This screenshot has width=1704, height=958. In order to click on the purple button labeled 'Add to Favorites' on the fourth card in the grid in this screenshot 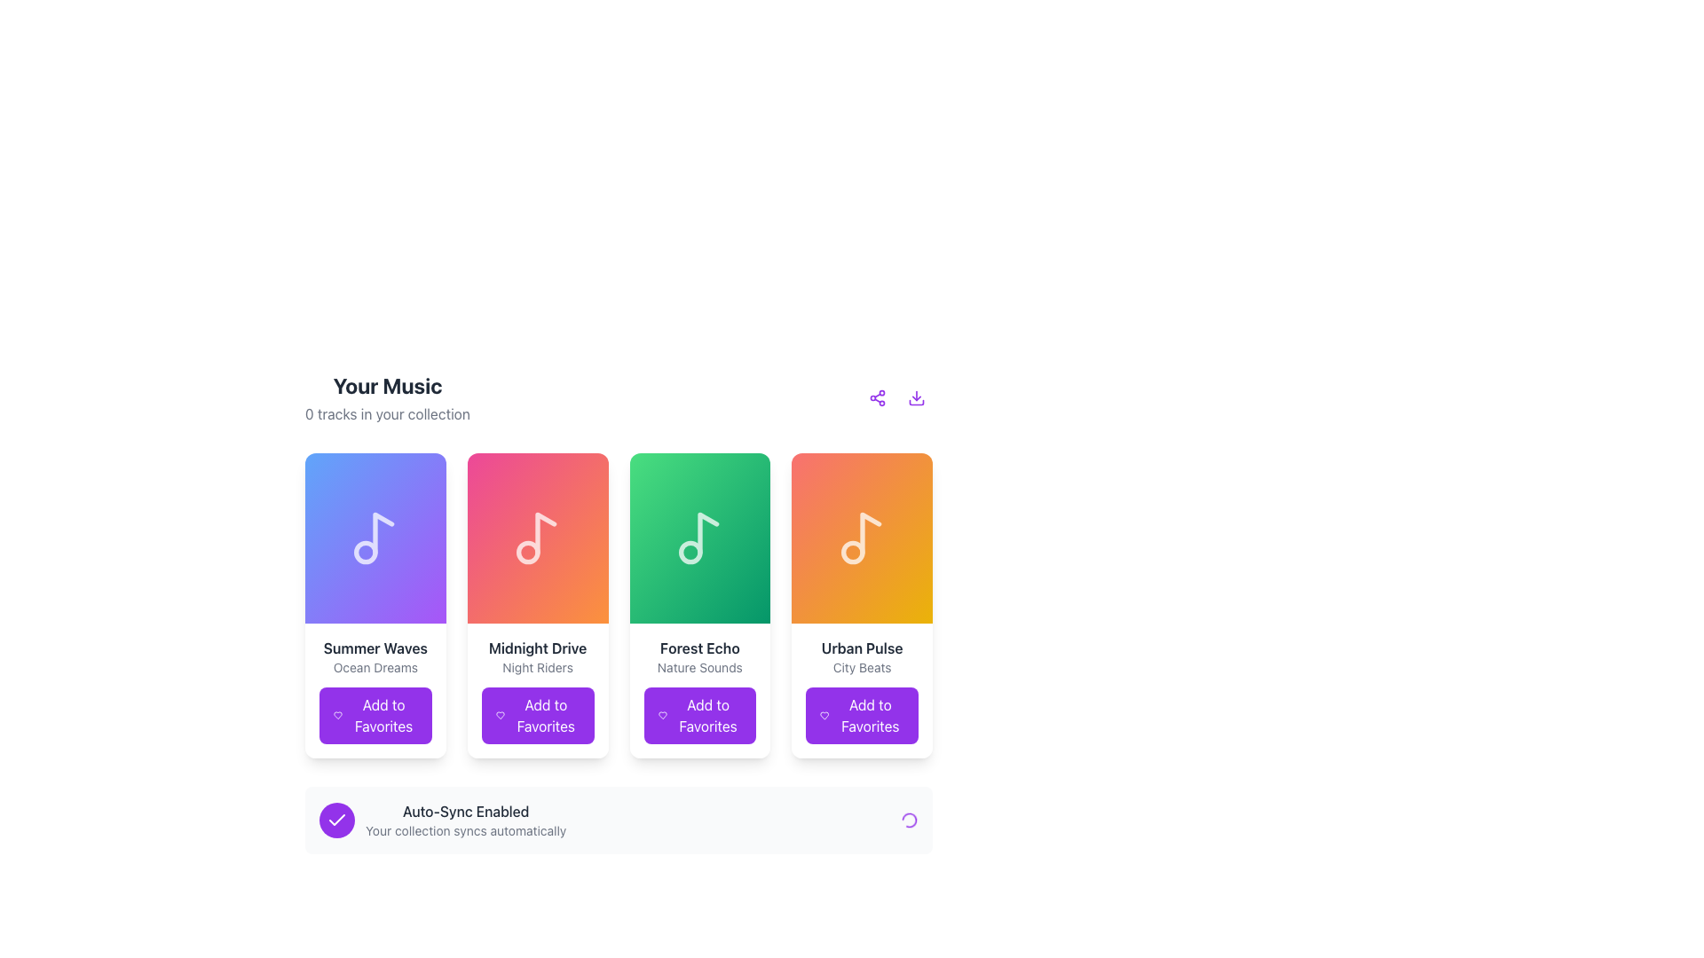, I will do `click(862, 604)`.